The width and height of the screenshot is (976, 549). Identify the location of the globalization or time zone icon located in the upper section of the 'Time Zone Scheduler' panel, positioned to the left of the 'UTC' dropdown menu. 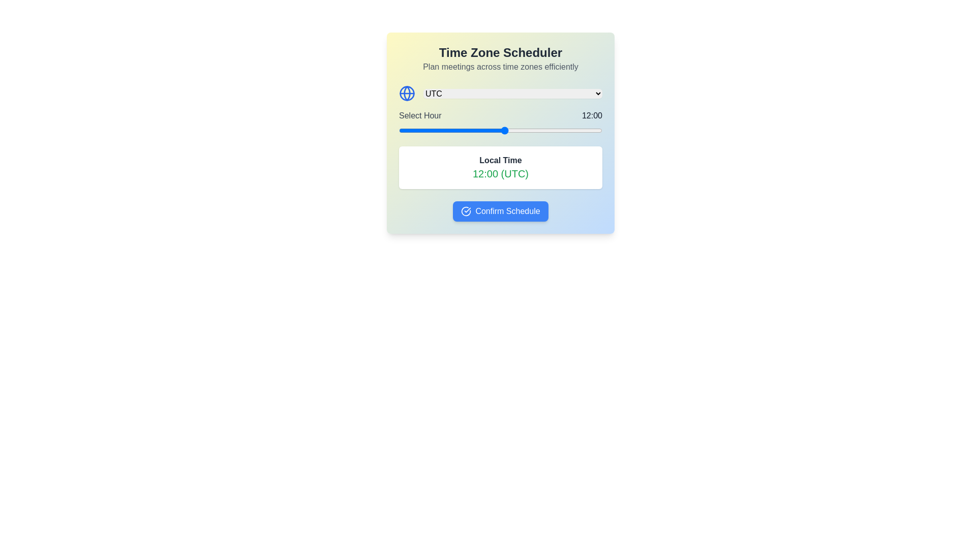
(407, 94).